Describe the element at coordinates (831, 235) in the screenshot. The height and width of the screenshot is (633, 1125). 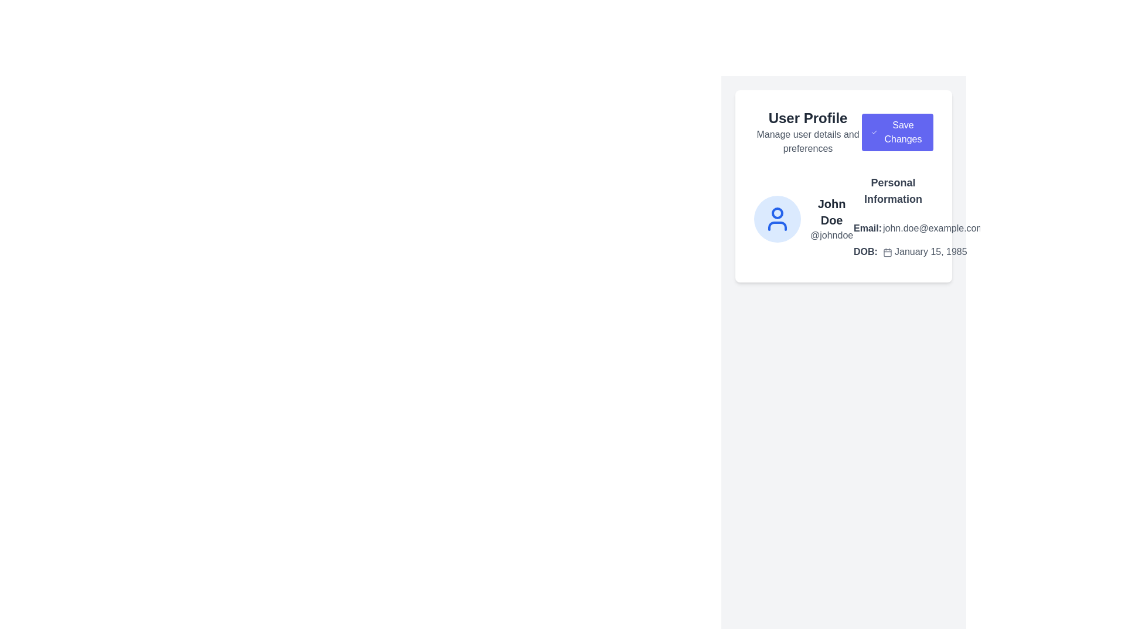
I see `the text label displaying '@johndoe' which is located below the name label 'John Doe' in the top-left section of the card` at that location.